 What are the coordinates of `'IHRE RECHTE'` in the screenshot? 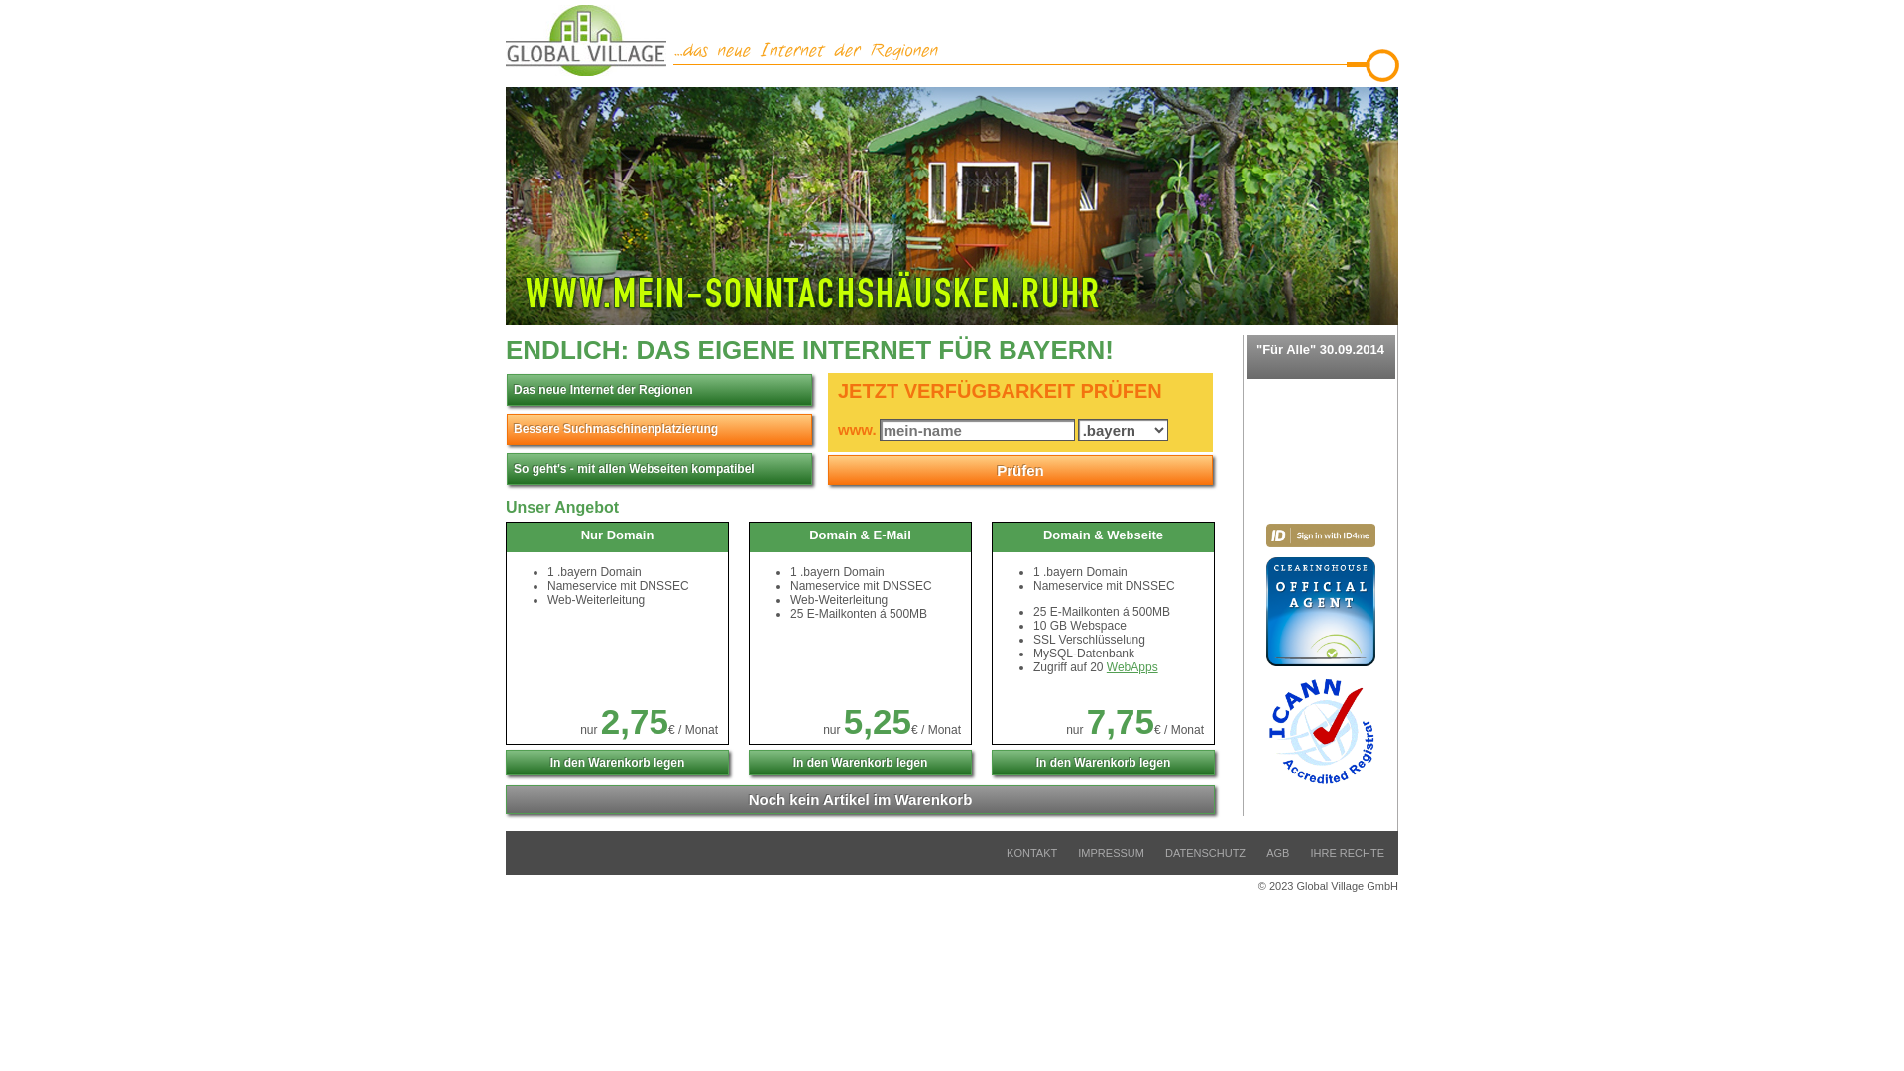 It's located at (1347, 852).